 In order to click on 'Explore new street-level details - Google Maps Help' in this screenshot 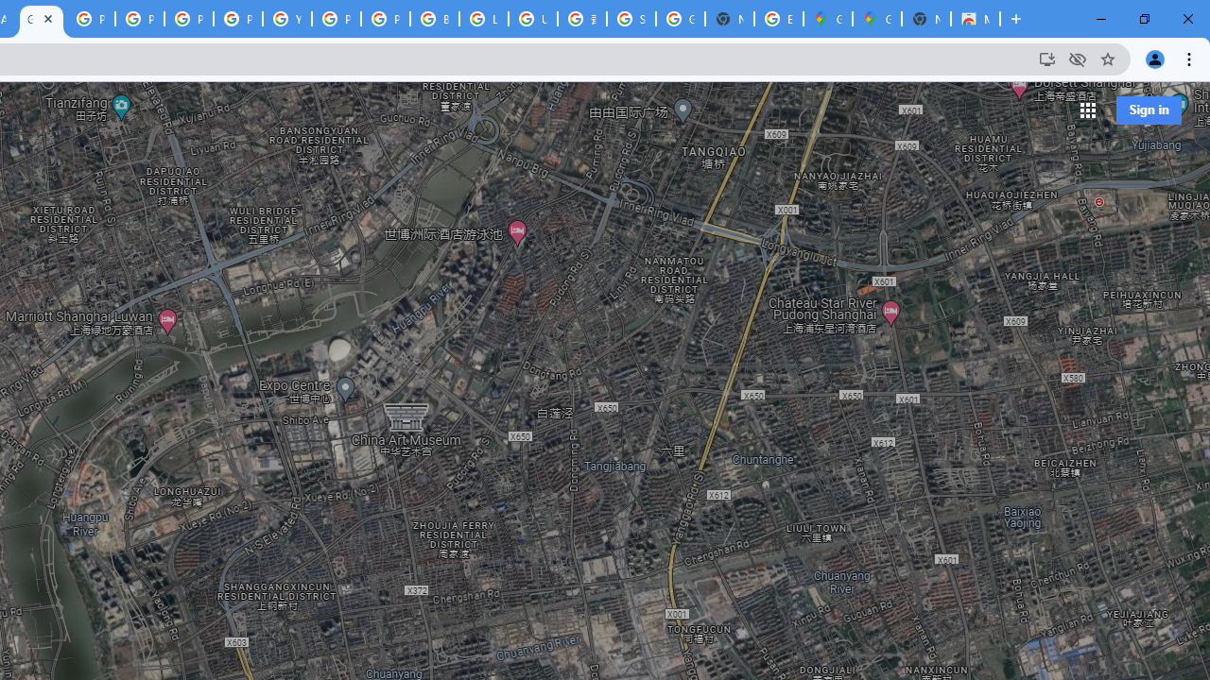, I will do `click(778, 19)`.